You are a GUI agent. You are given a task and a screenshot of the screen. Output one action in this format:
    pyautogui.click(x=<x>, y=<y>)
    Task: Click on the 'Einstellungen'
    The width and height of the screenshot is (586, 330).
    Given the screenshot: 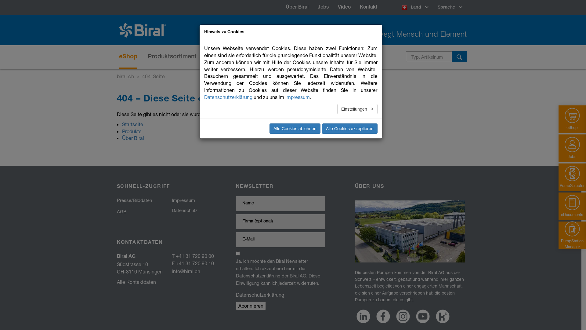 What is the action you would take?
    pyautogui.click(x=357, y=109)
    